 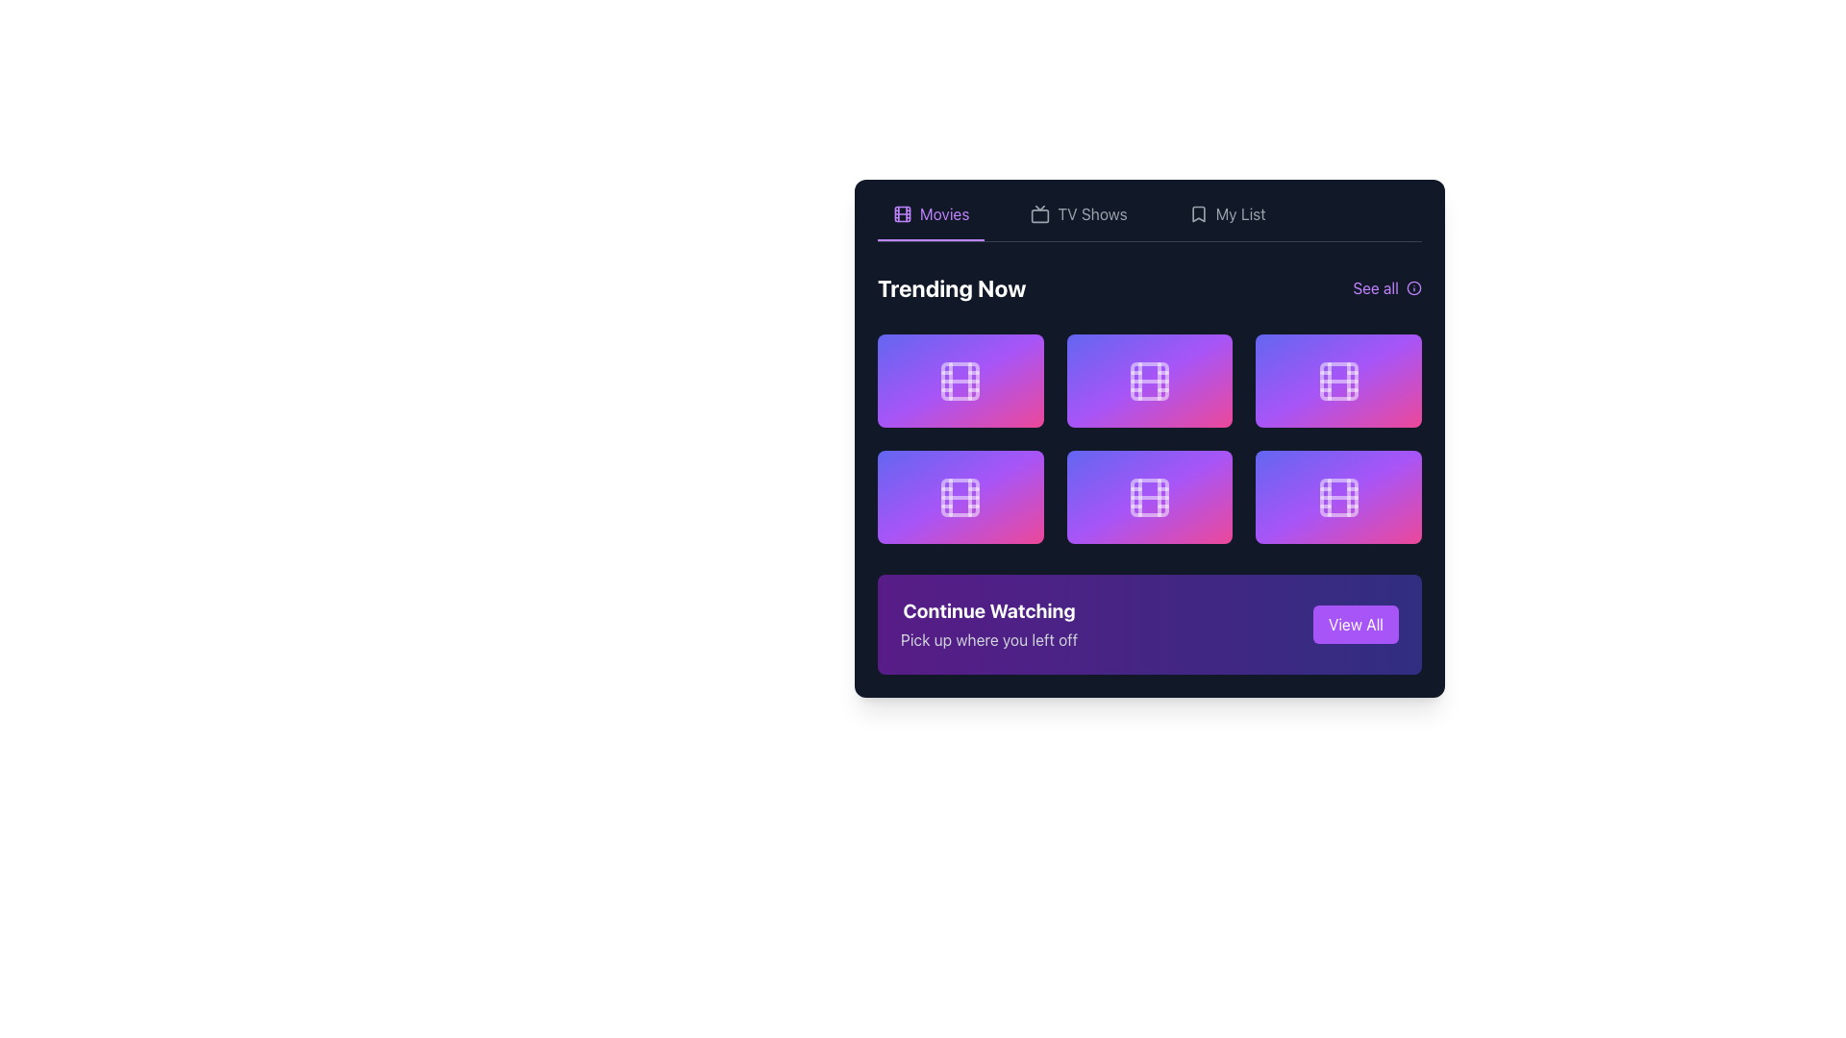 What do you see at coordinates (1355, 625) in the screenshot?
I see `the 'View All' button located in the bottom-right corner of the 'Continue Watching' section to visualize its hover effects` at bounding box center [1355, 625].